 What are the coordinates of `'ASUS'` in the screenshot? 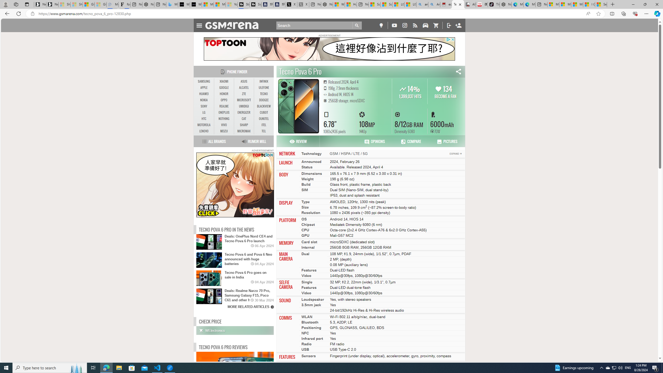 It's located at (244, 81).